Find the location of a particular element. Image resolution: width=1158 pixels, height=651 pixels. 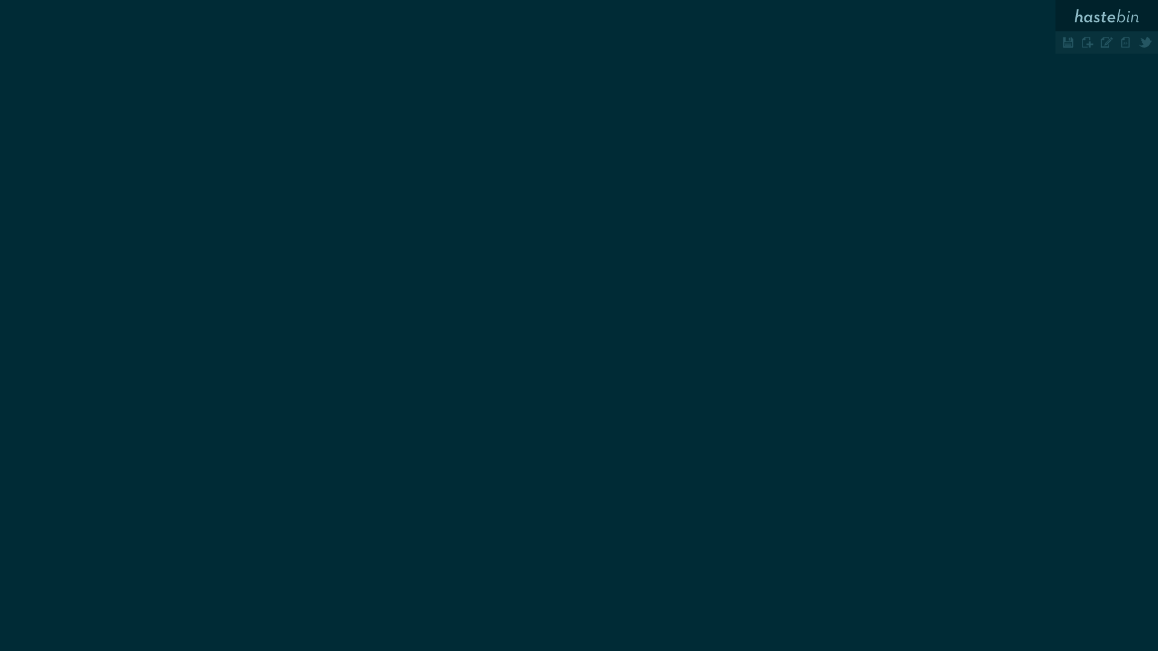

'Save' is located at coordinates (1068, 42).